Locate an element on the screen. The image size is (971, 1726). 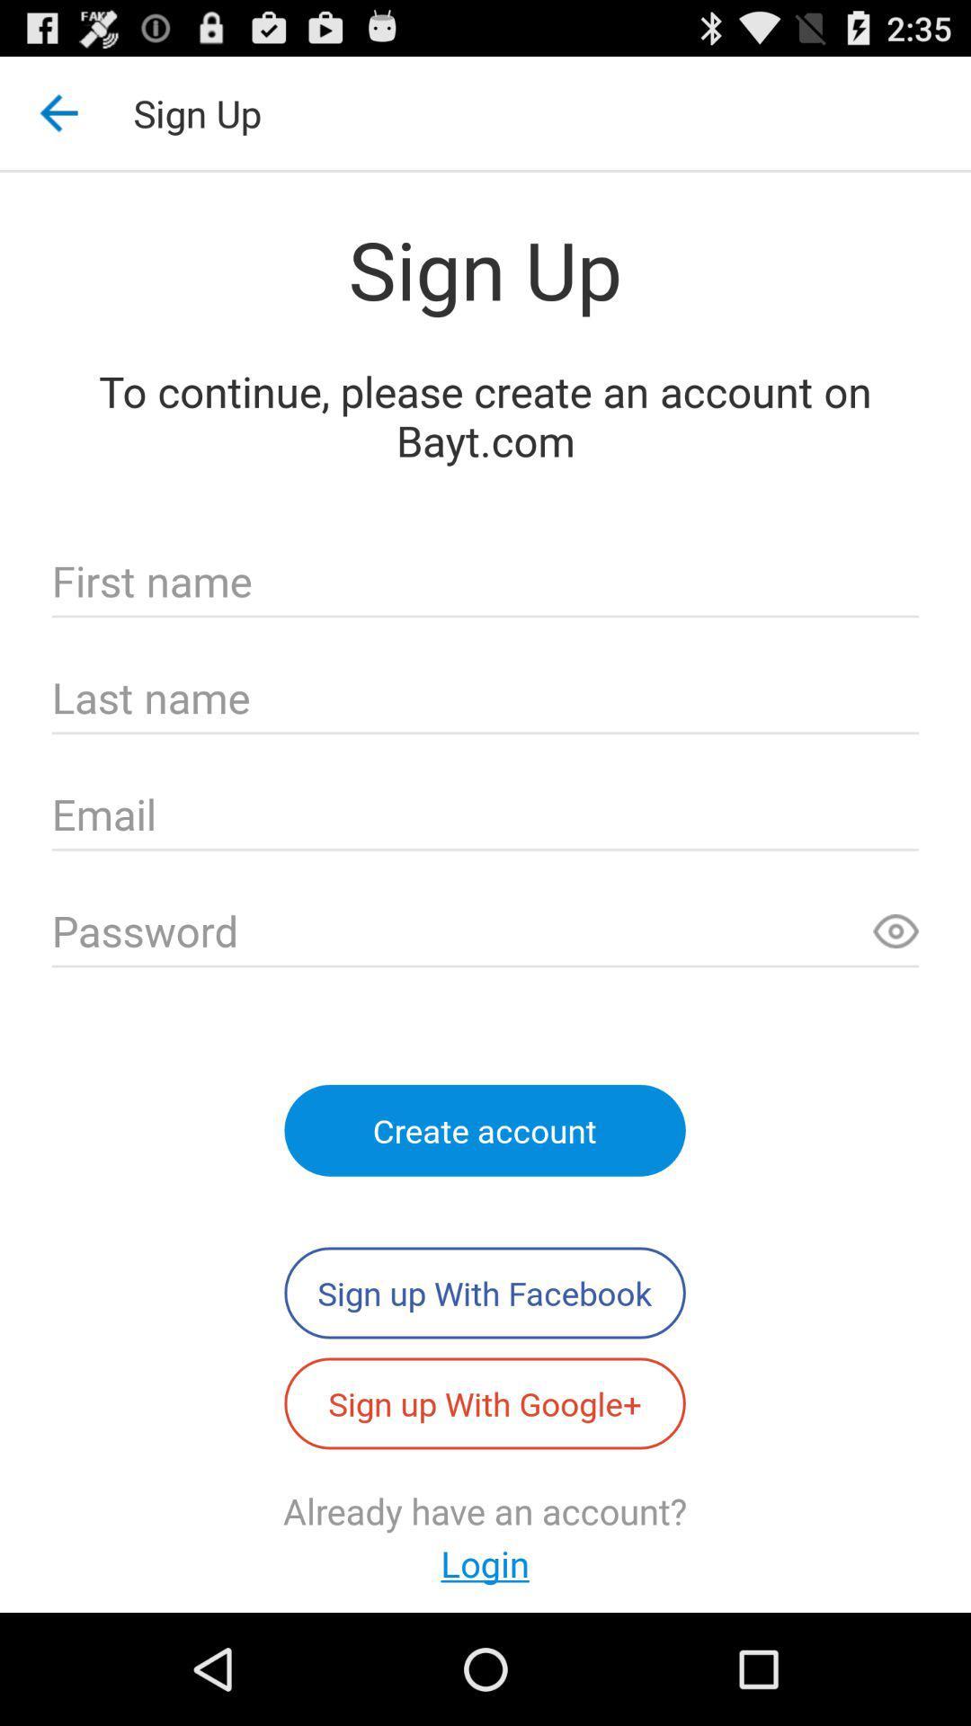
the visibility icon is located at coordinates (895, 995).